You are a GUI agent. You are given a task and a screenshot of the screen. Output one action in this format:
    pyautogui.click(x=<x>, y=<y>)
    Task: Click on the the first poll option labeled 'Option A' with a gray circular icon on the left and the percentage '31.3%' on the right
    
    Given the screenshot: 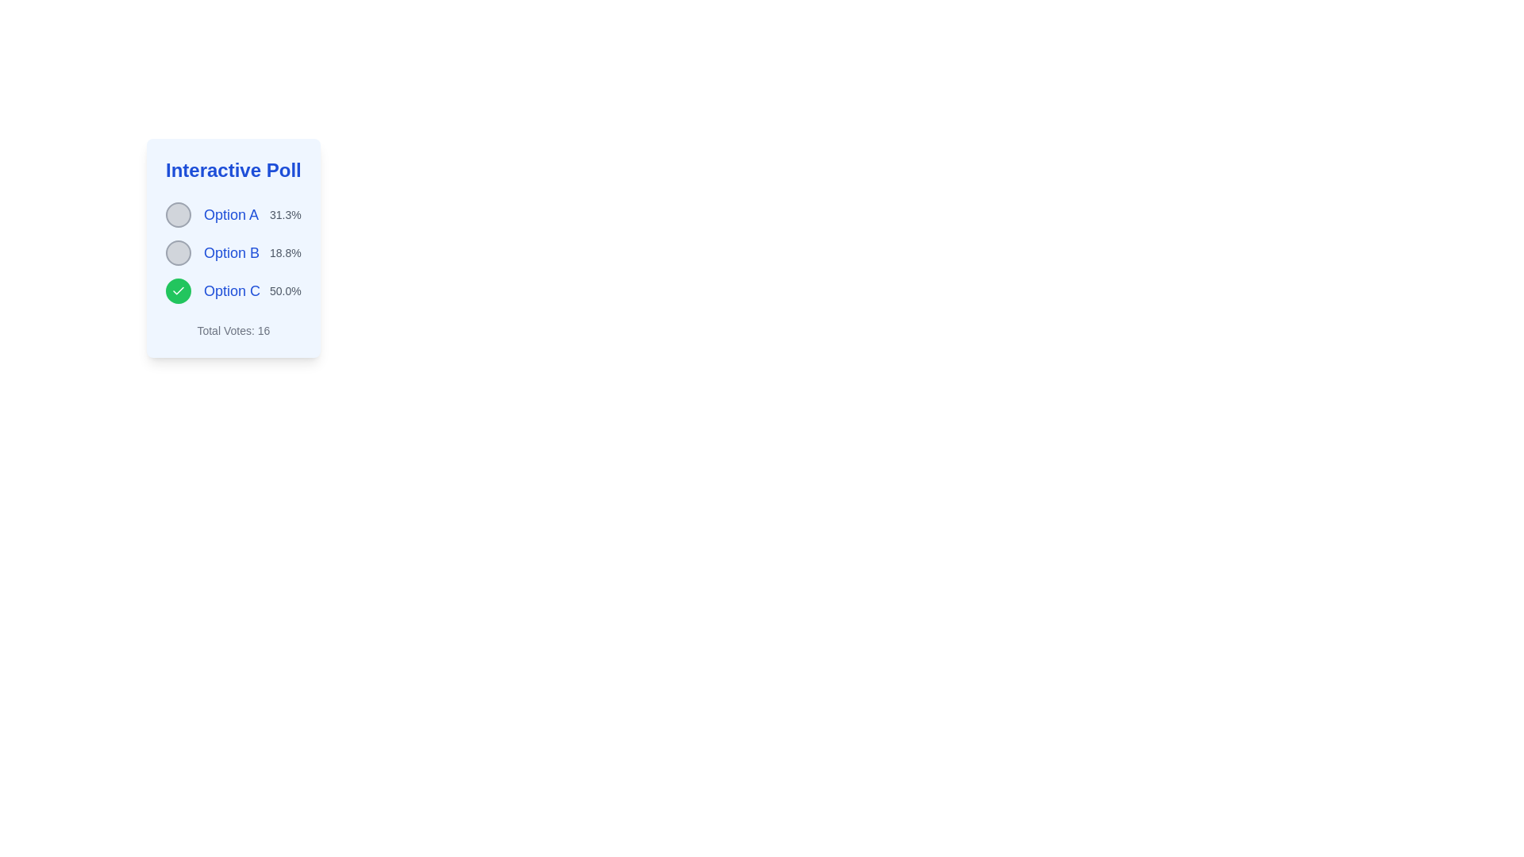 What is the action you would take?
    pyautogui.click(x=233, y=214)
    